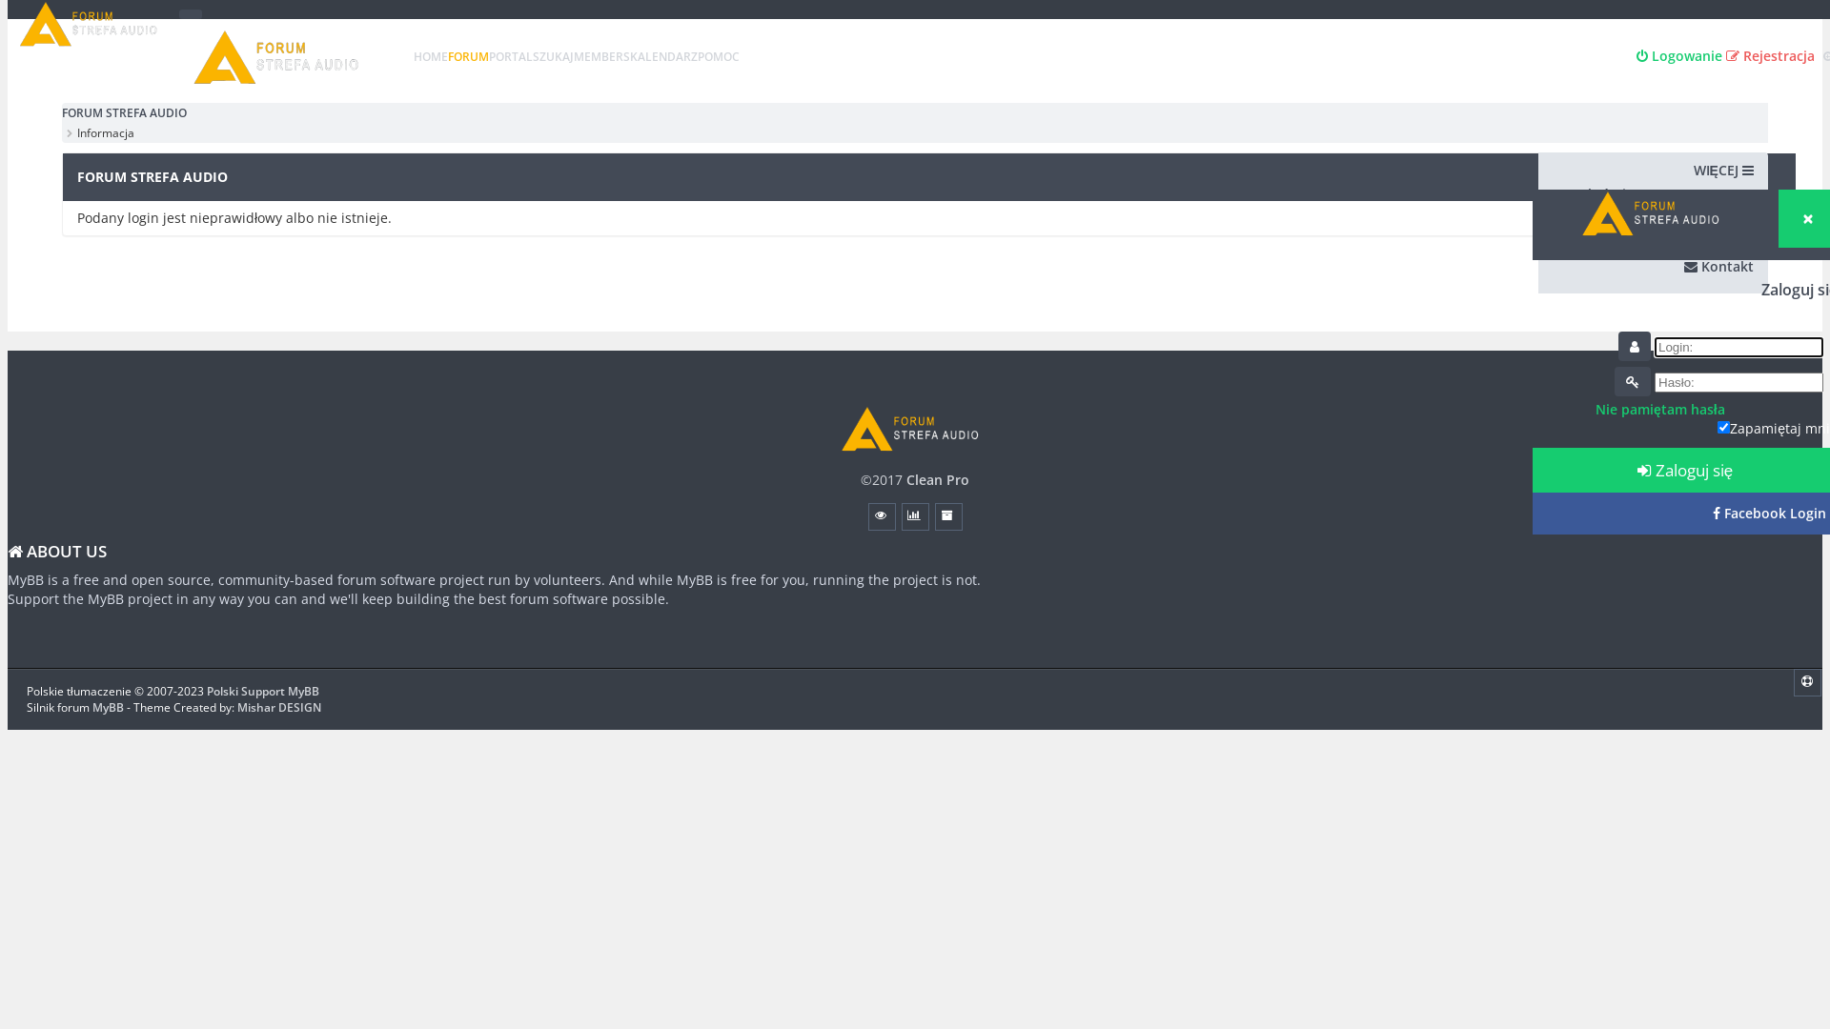 The width and height of the screenshot is (1830, 1029). Describe the element at coordinates (717, 55) in the screenshot. I see `'POMOC'` at that location.